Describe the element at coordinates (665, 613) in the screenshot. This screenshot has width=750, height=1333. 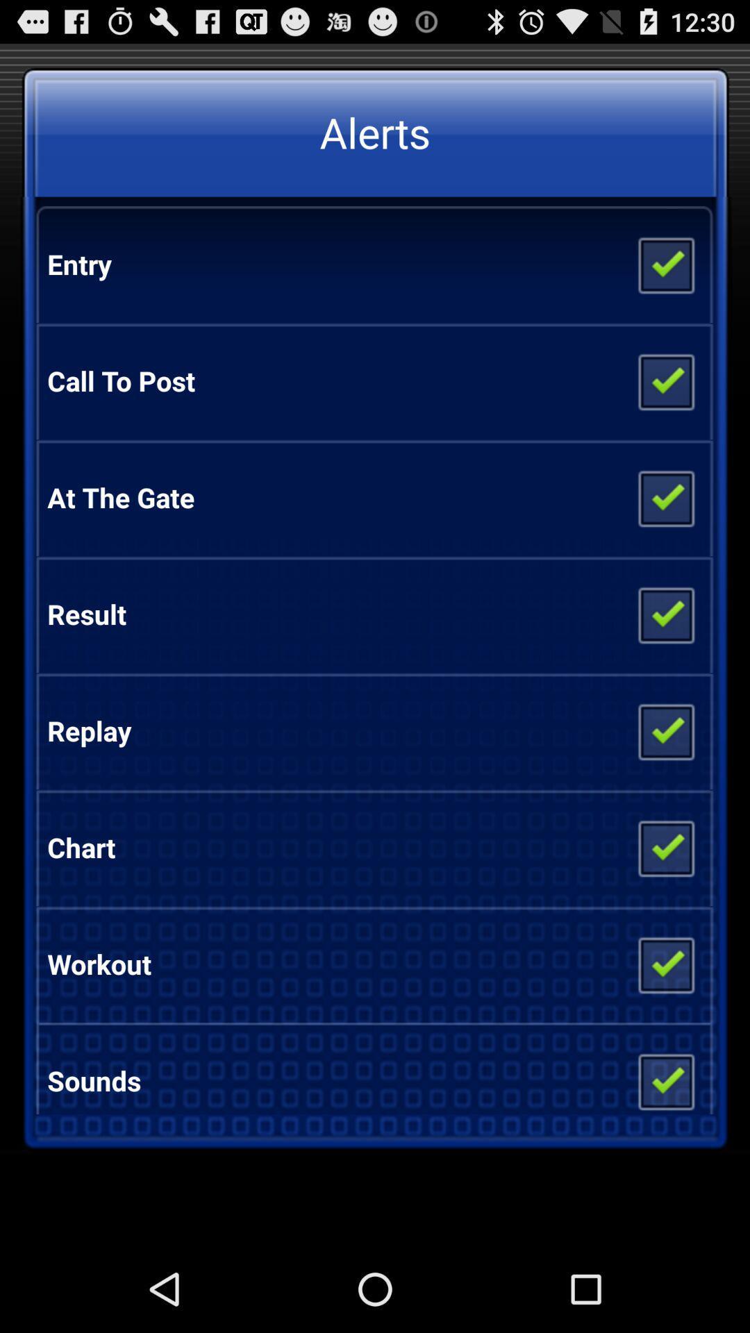
I see `result alerts` at that location.